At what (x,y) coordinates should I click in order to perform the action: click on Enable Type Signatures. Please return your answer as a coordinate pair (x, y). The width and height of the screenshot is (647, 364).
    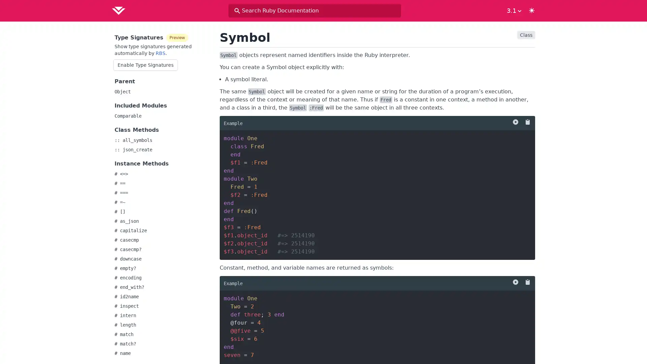
    Looking at the image, I should click on (145, 65).